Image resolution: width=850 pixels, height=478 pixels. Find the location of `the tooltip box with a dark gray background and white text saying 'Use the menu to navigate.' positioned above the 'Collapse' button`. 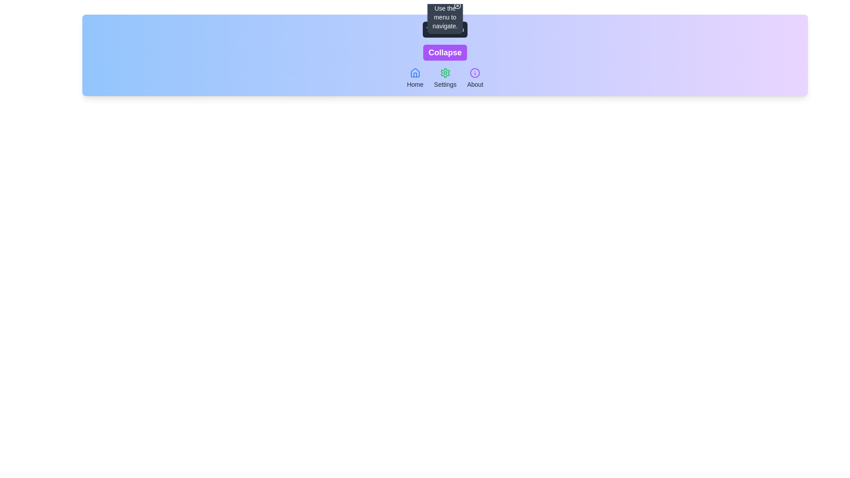

the tooltip box with a dark gray background and white text saying 'Use the menu to navigate.' positioned above the 'Collapse' button is located at coordinates (445, 17).